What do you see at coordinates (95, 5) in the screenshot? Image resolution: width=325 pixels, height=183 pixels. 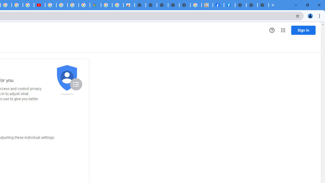 I see `'Google Maps'` at bounding box center [95, 5].